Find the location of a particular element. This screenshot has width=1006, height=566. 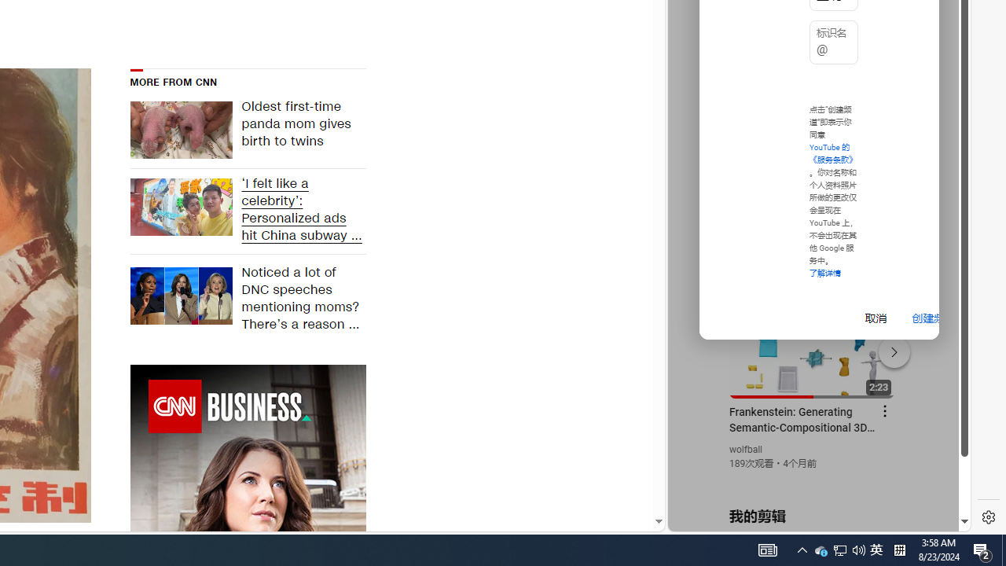

'wolfball' is located at coordinates (745, 450).